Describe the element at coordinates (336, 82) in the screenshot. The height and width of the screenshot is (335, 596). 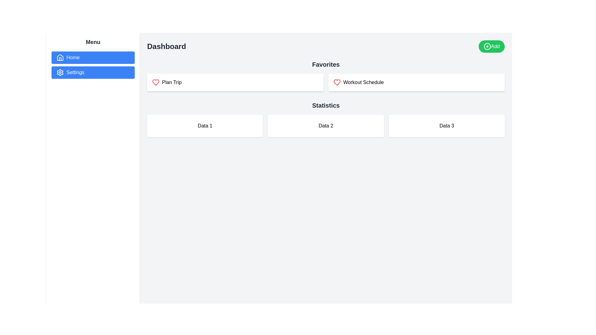
I see `the heart-shaped icon, which is red and indicates a 'favorite' or 'like' functionality, located next to the 'Workout Schedule' label in the 'Favorites' section of the dashboard interface` at that location.